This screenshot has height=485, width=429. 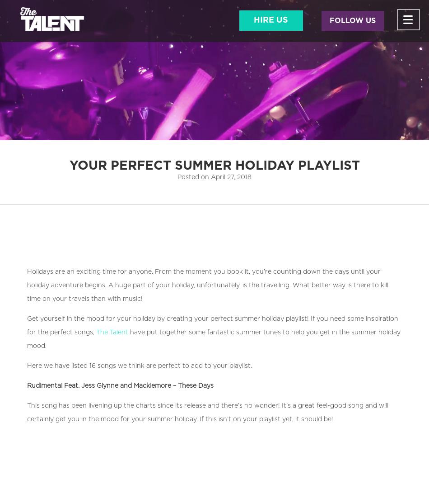 I want to click on 'The Talent', so click(x=96, y=332).